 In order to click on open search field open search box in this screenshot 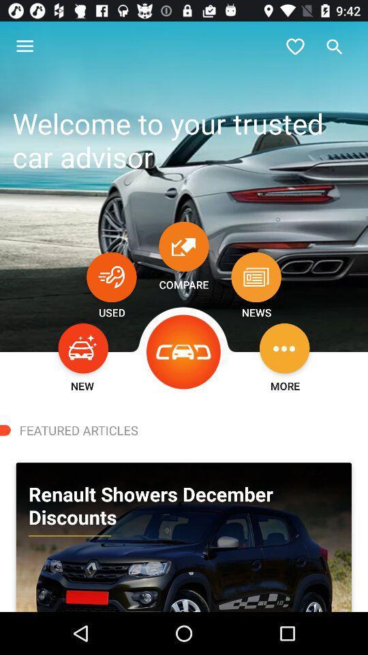, I will do `click(334, 46)`.